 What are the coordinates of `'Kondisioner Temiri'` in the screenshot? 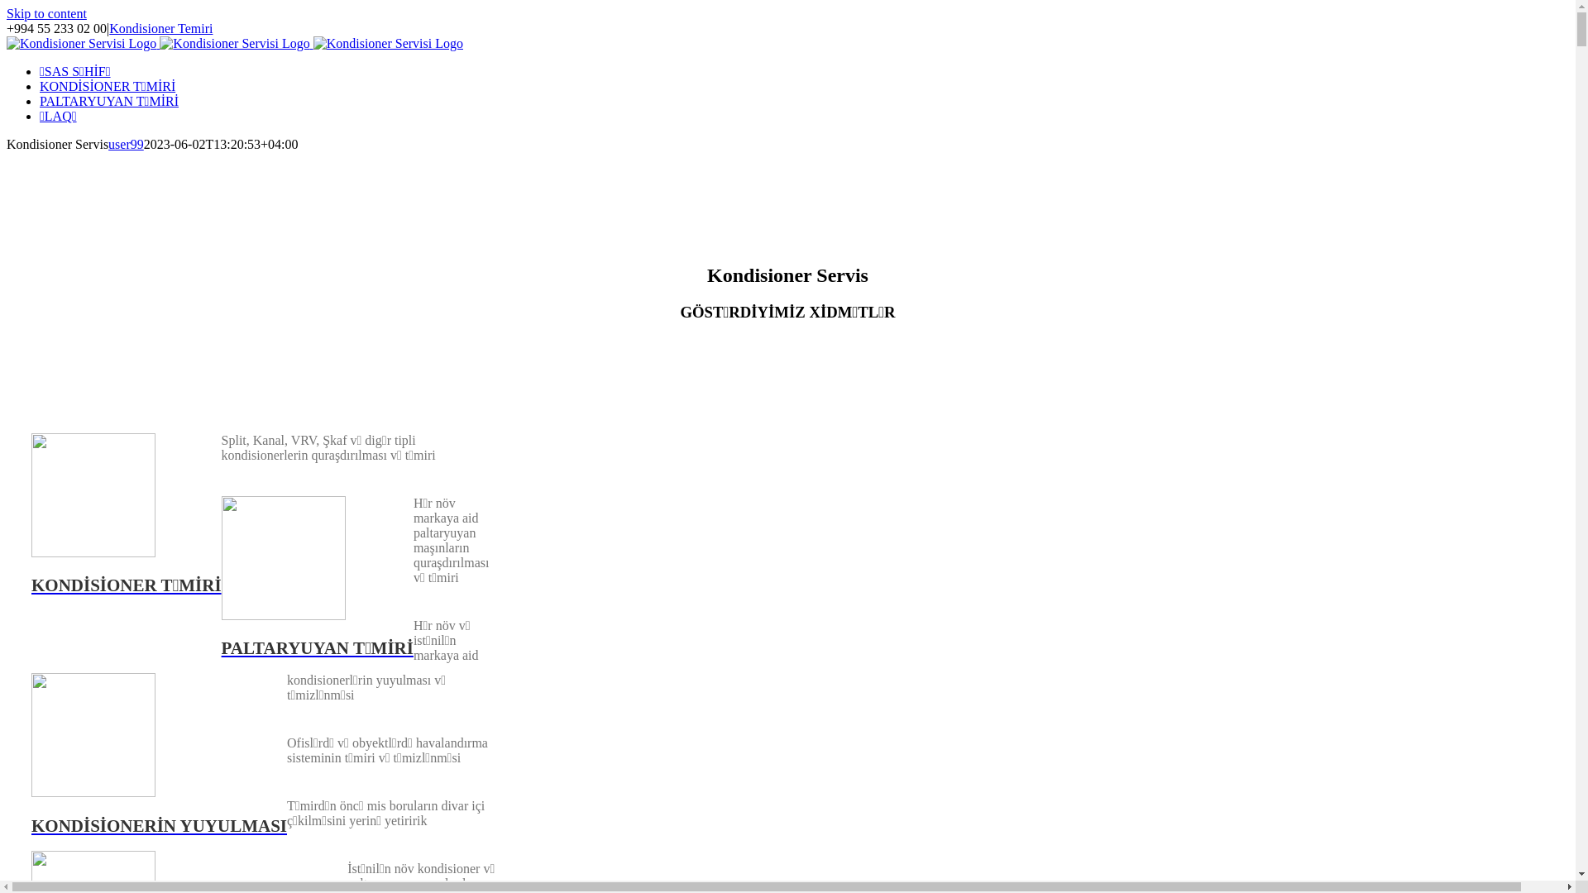 It's located at (108, 28).